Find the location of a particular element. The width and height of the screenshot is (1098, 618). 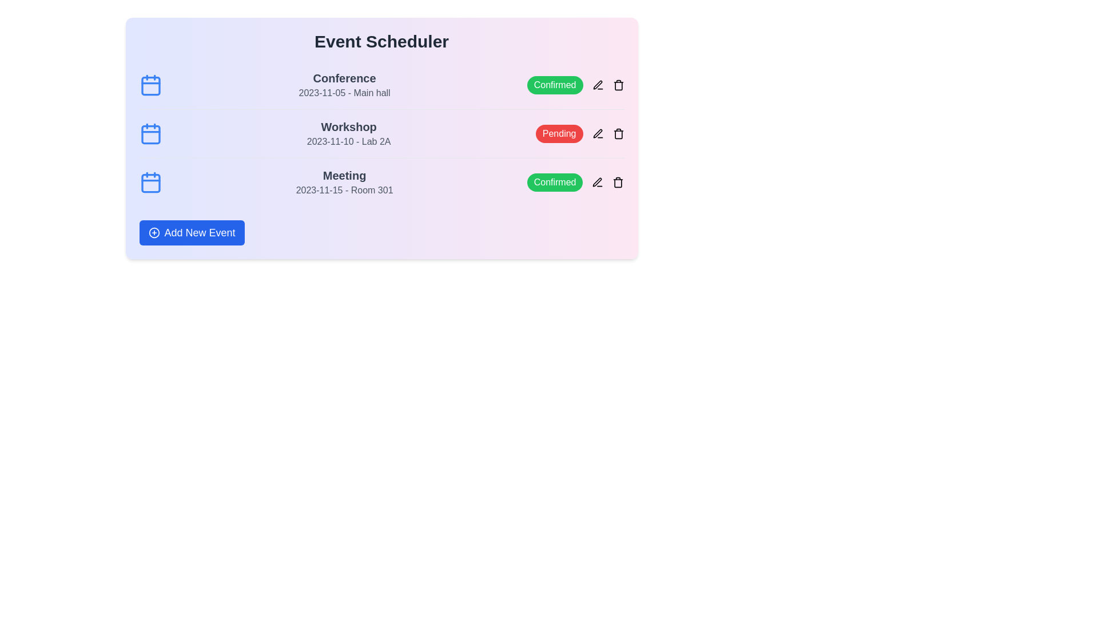

the calendar icon located at the leftmost side of the 'Meeting' row, aligned with the meeting details is located at coordinates (150, 182).